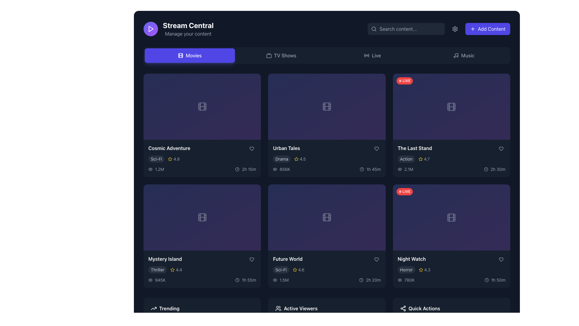 Image resolution: width=579 pixels, height=326 pixels. What do you see at coordinates (160, 280) in the screenshot?
I see `the text label displaying the number of views for the 'Mystery Island' movie located in the lower-left section of the card, to the right of the eye icon` at bounding box center [160, 280].